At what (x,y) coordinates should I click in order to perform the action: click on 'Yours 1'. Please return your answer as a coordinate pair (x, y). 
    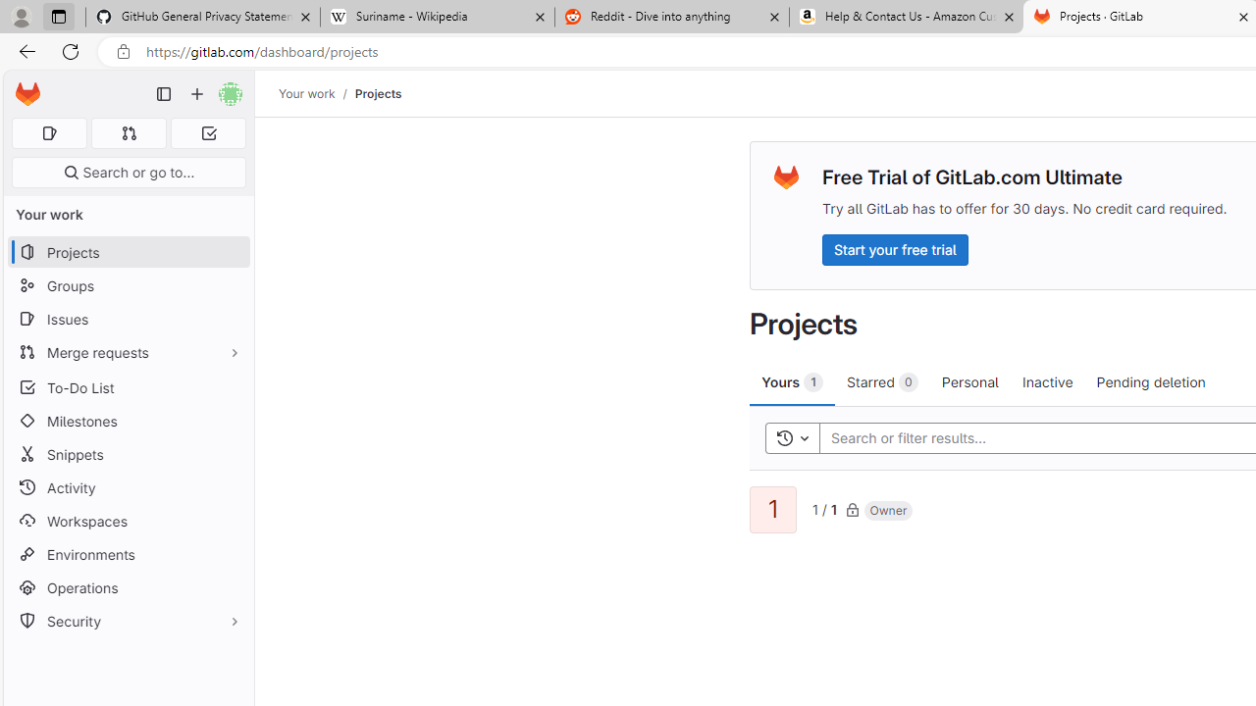
    Looking at the image, I should click on (793, 381).